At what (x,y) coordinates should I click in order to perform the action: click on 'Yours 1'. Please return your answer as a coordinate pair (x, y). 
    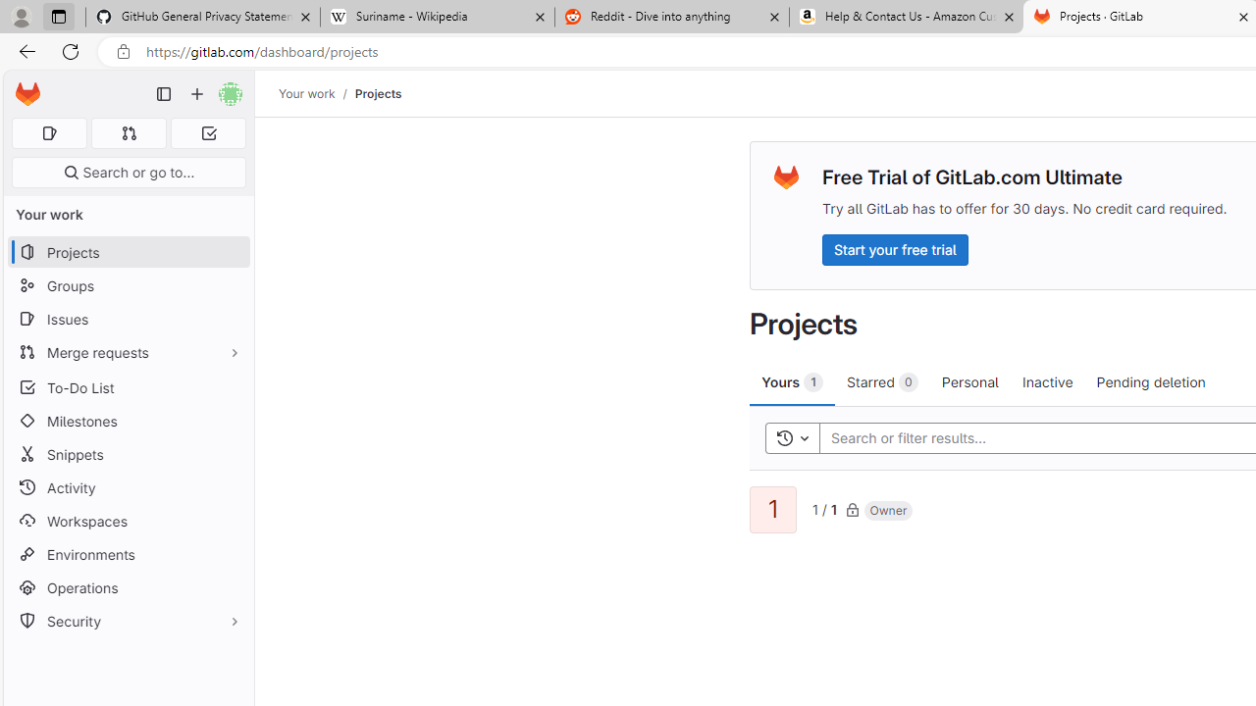
    Looking at the image, I should click on (793, 381).